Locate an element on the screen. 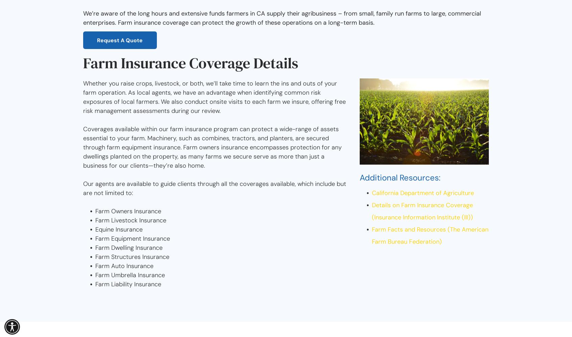 This screenshot has width=572, height=337. 'Farm Insurance Coverage Details' is located at coordinates (190, 63).